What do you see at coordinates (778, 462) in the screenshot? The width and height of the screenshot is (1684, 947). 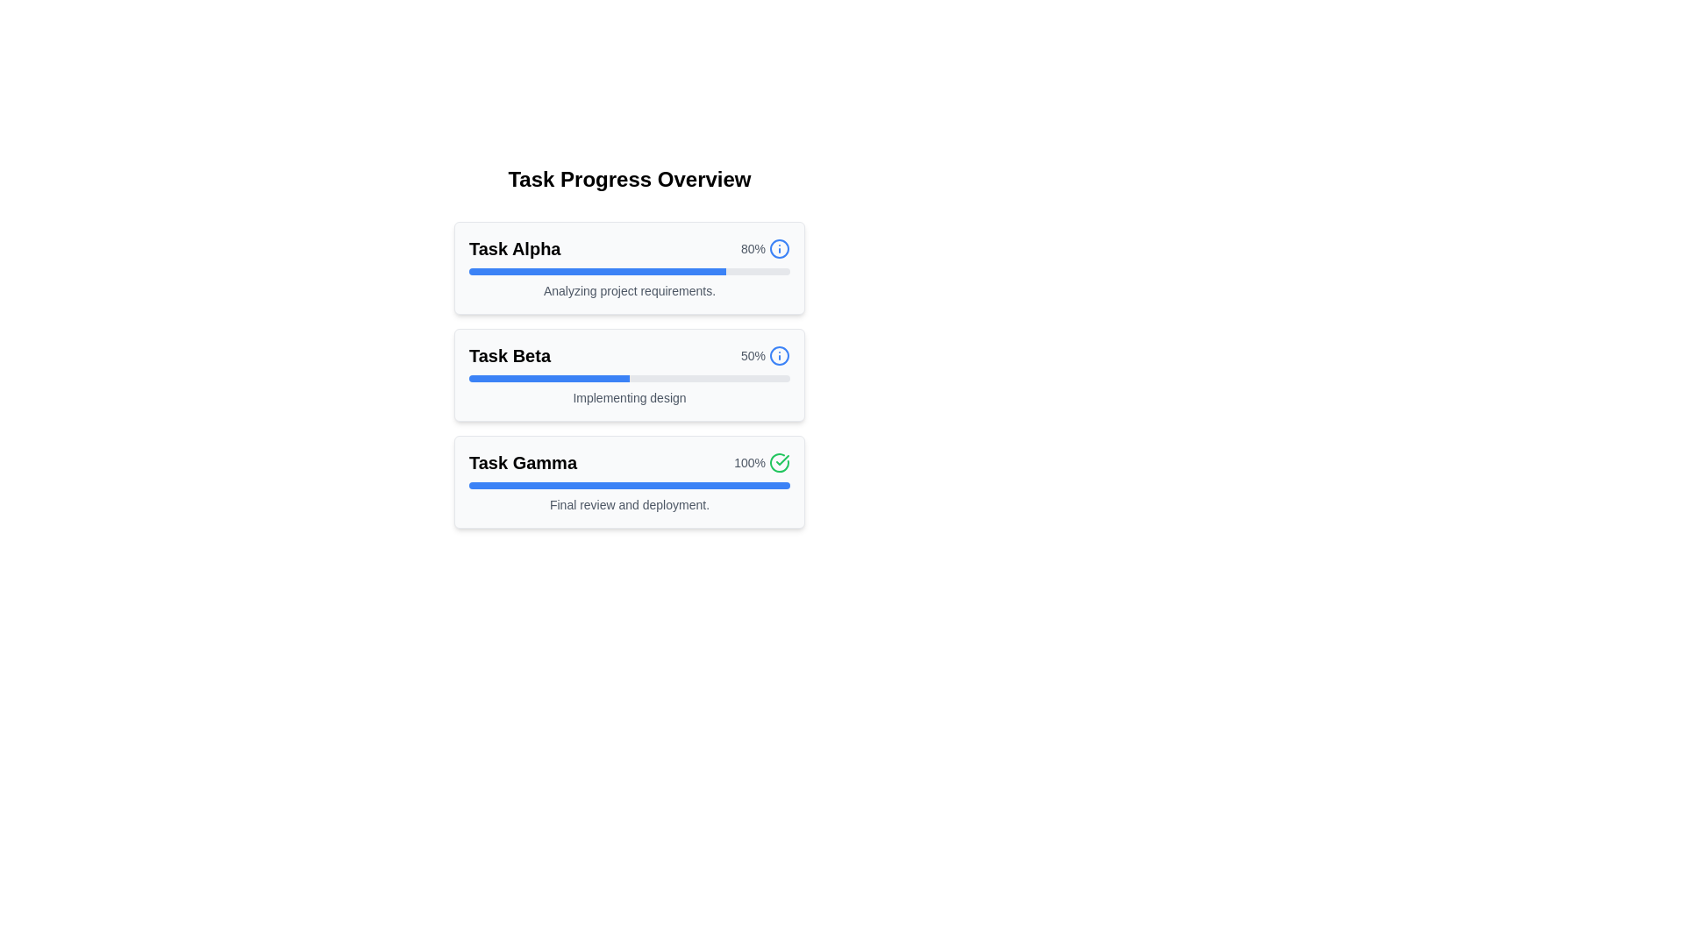 I see `the green circular icon with a checkmark that indicates the completion of the 'Task Gamma' item, located to the right of the task's progress bar` at bounding box center [778, 462].